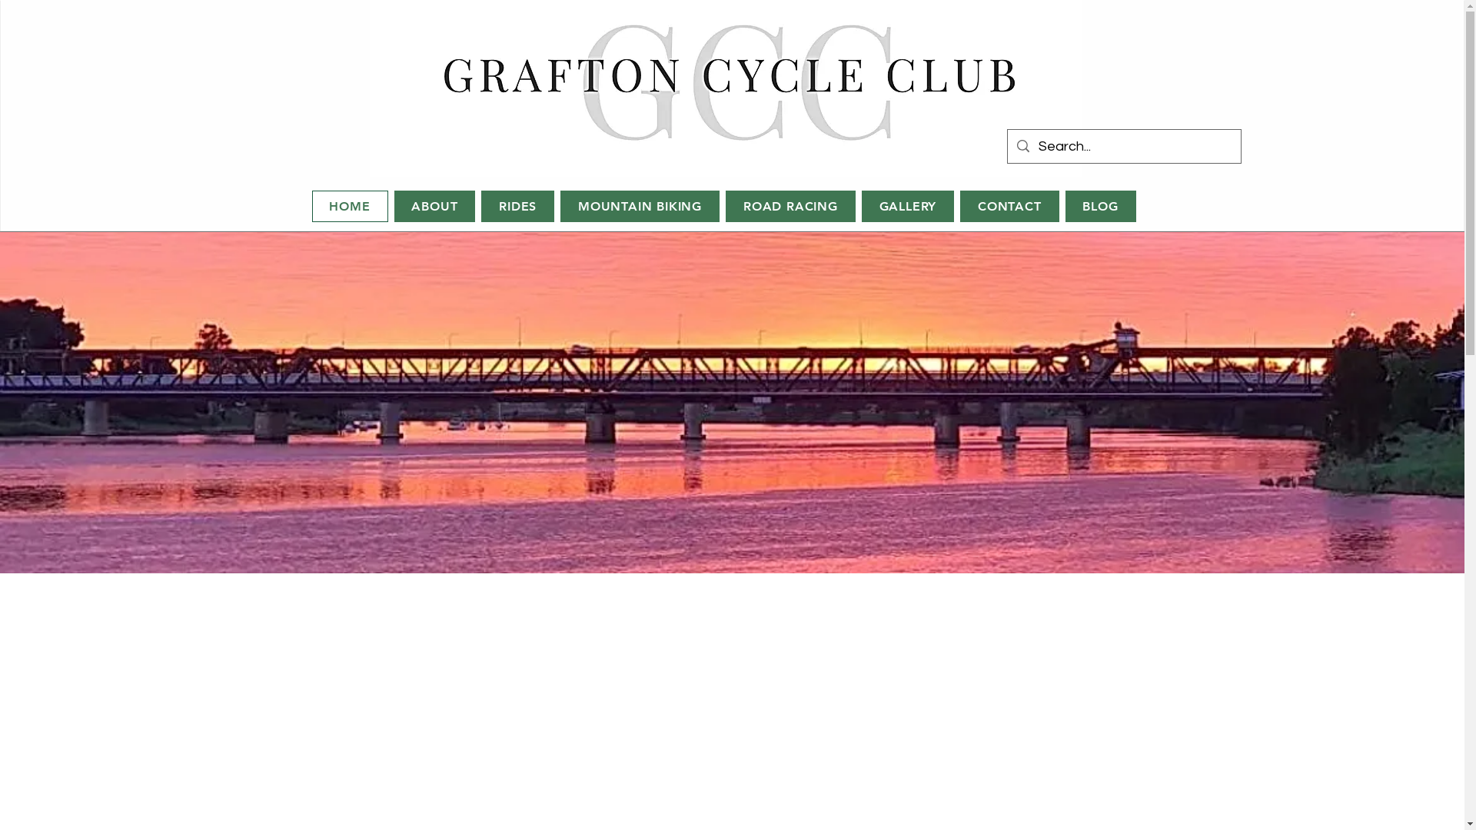  What do you see at coordinates (725, 205) in the screenshot?
I see `'ROAD RACING'` at bounding box center [725, 205].